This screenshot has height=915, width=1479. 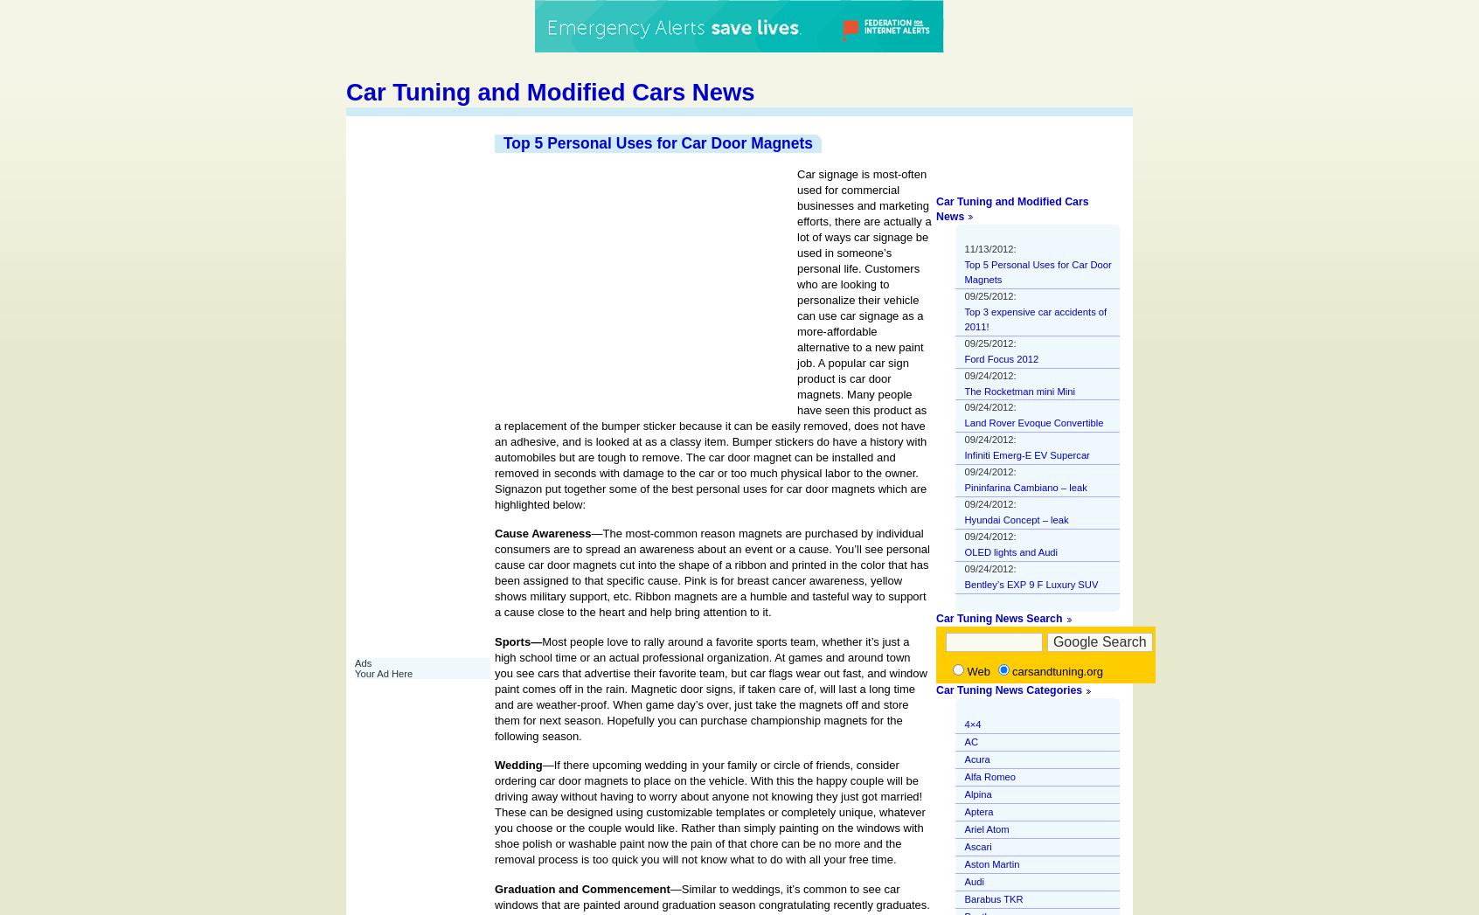 What do you see at coordinates (964, 793) in the screenshot?
I see `'Alpina'` at bounding box center [964, 793].